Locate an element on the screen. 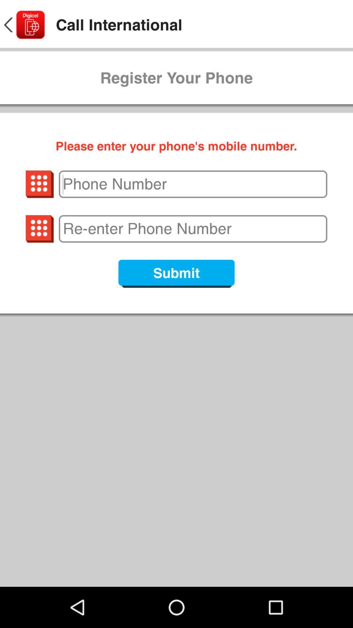 Image resolution: width=353 pixels, height=628 pixels. the submit is located at coordinates (176, 273).